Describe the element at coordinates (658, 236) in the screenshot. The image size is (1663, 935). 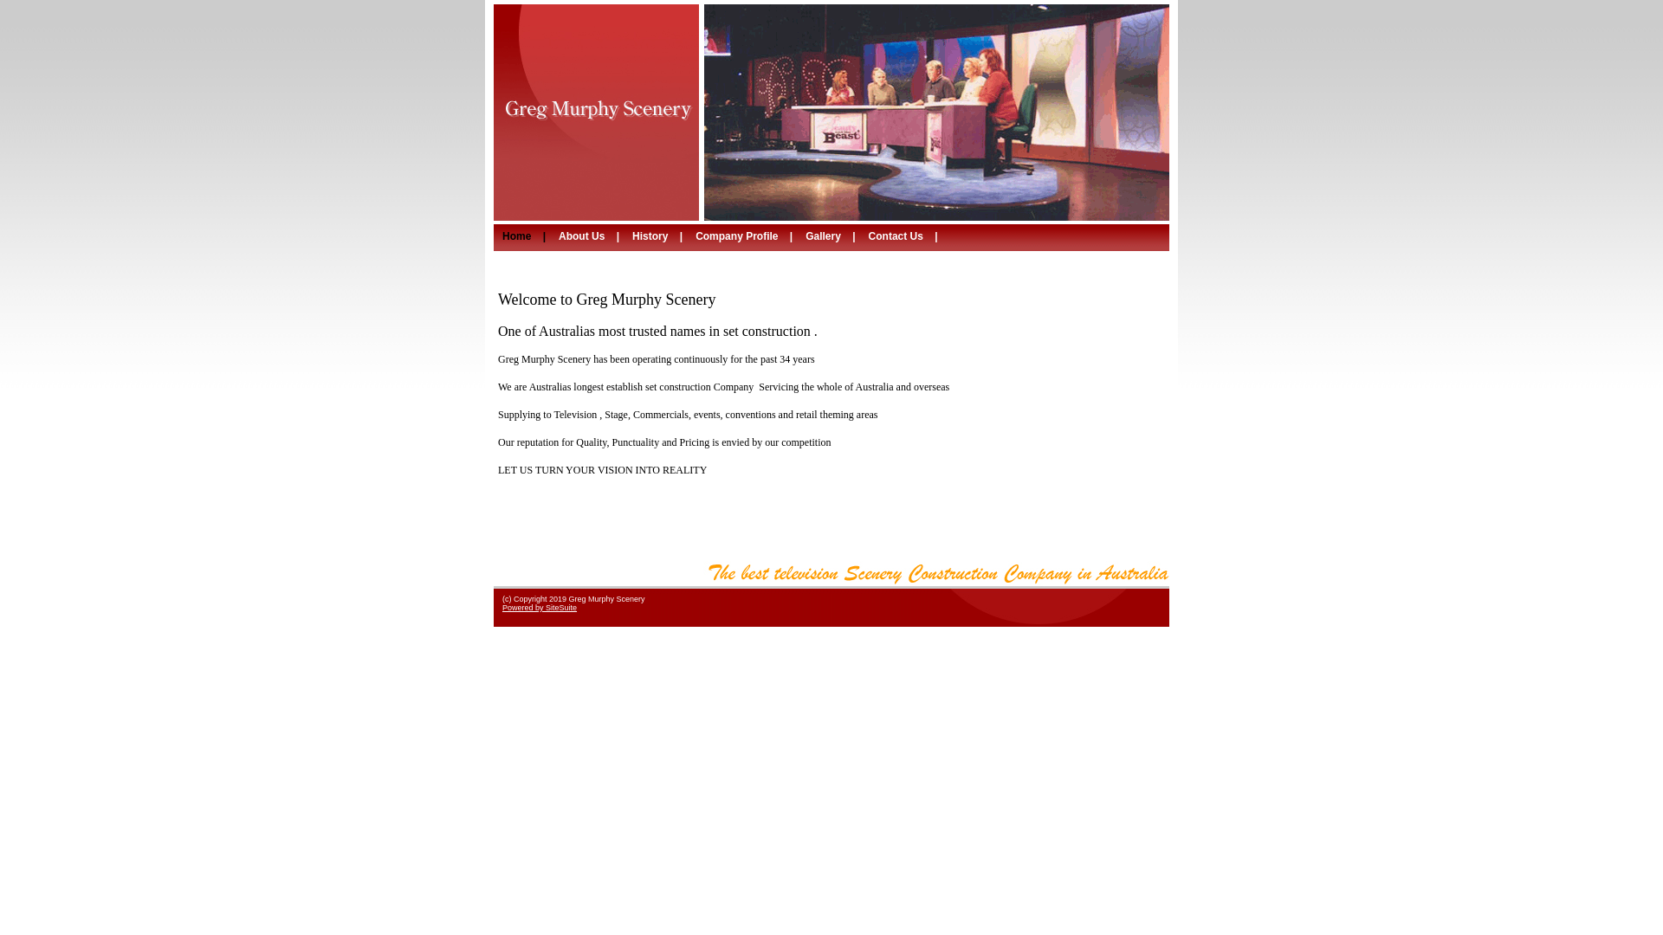
I see `'History    |   '` at that location.